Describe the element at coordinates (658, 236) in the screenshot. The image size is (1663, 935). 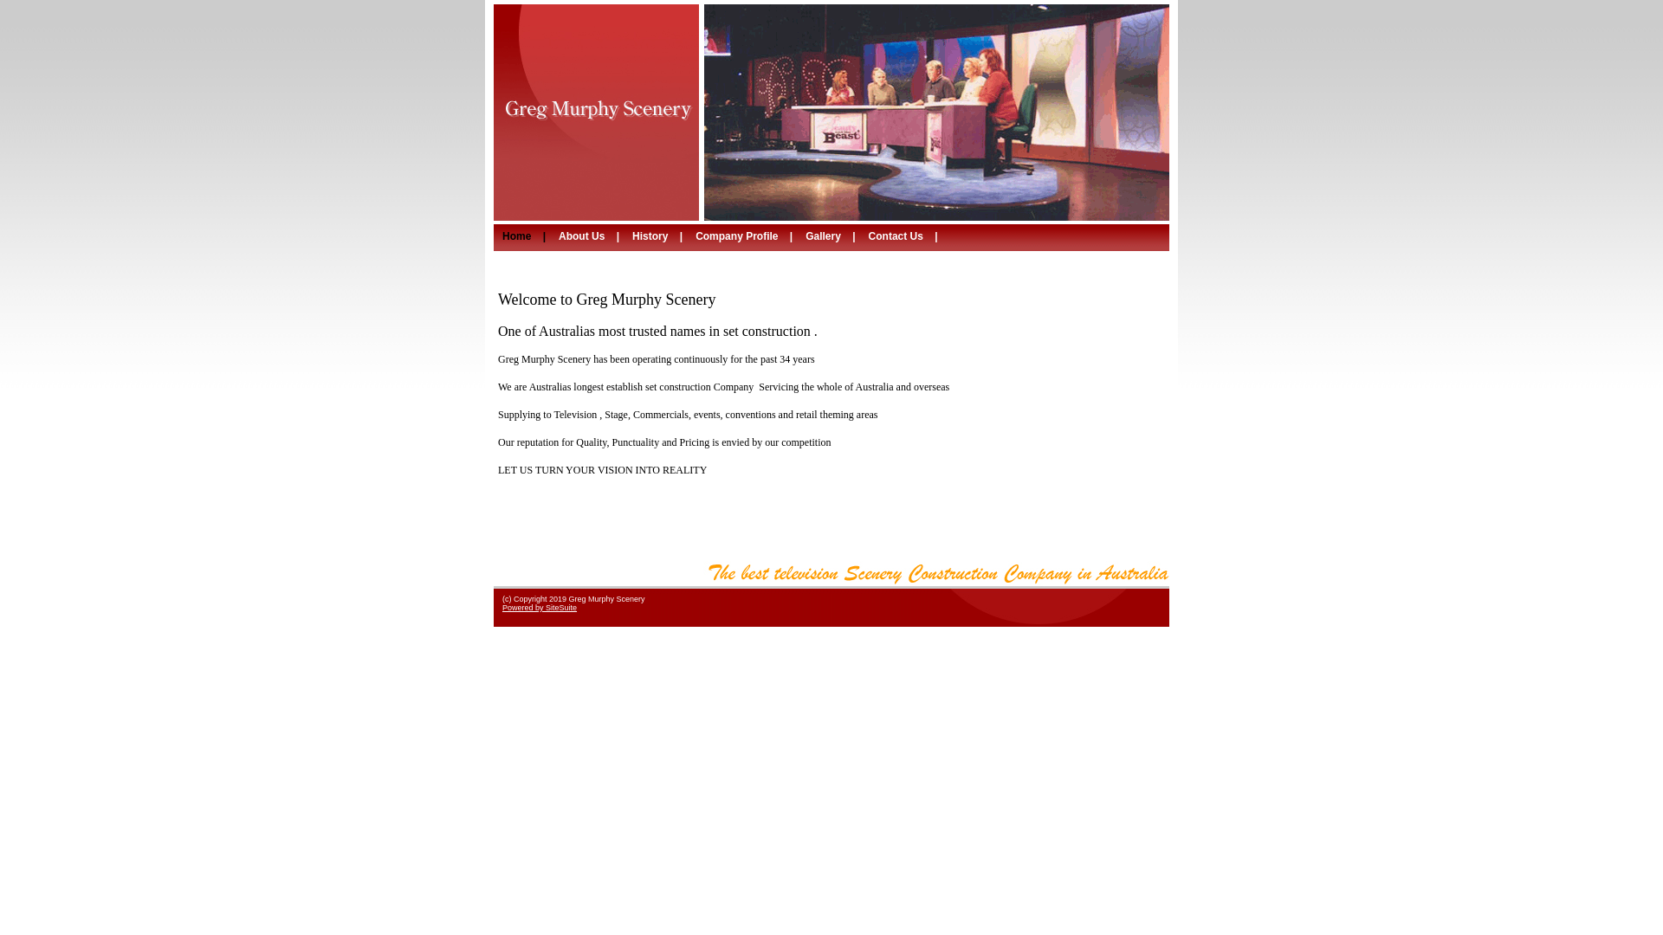
I see `'History    |   '` at that location.